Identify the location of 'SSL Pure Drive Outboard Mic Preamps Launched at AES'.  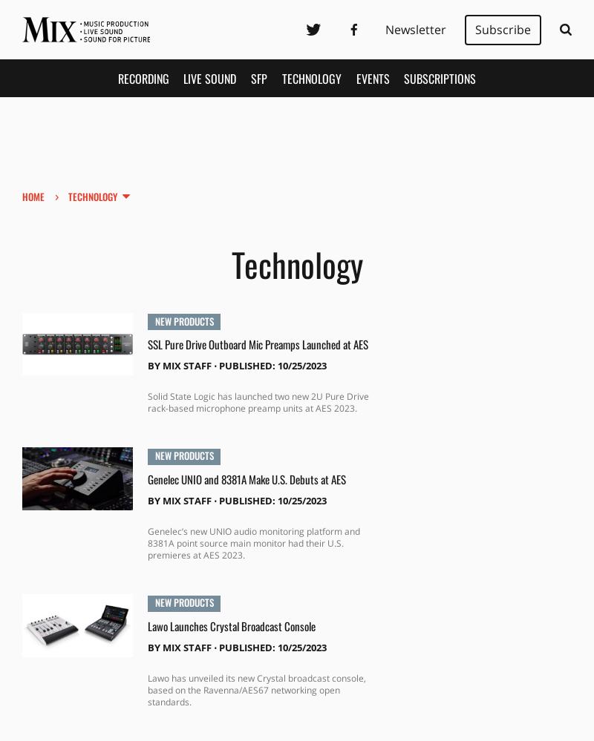
(257, 343).